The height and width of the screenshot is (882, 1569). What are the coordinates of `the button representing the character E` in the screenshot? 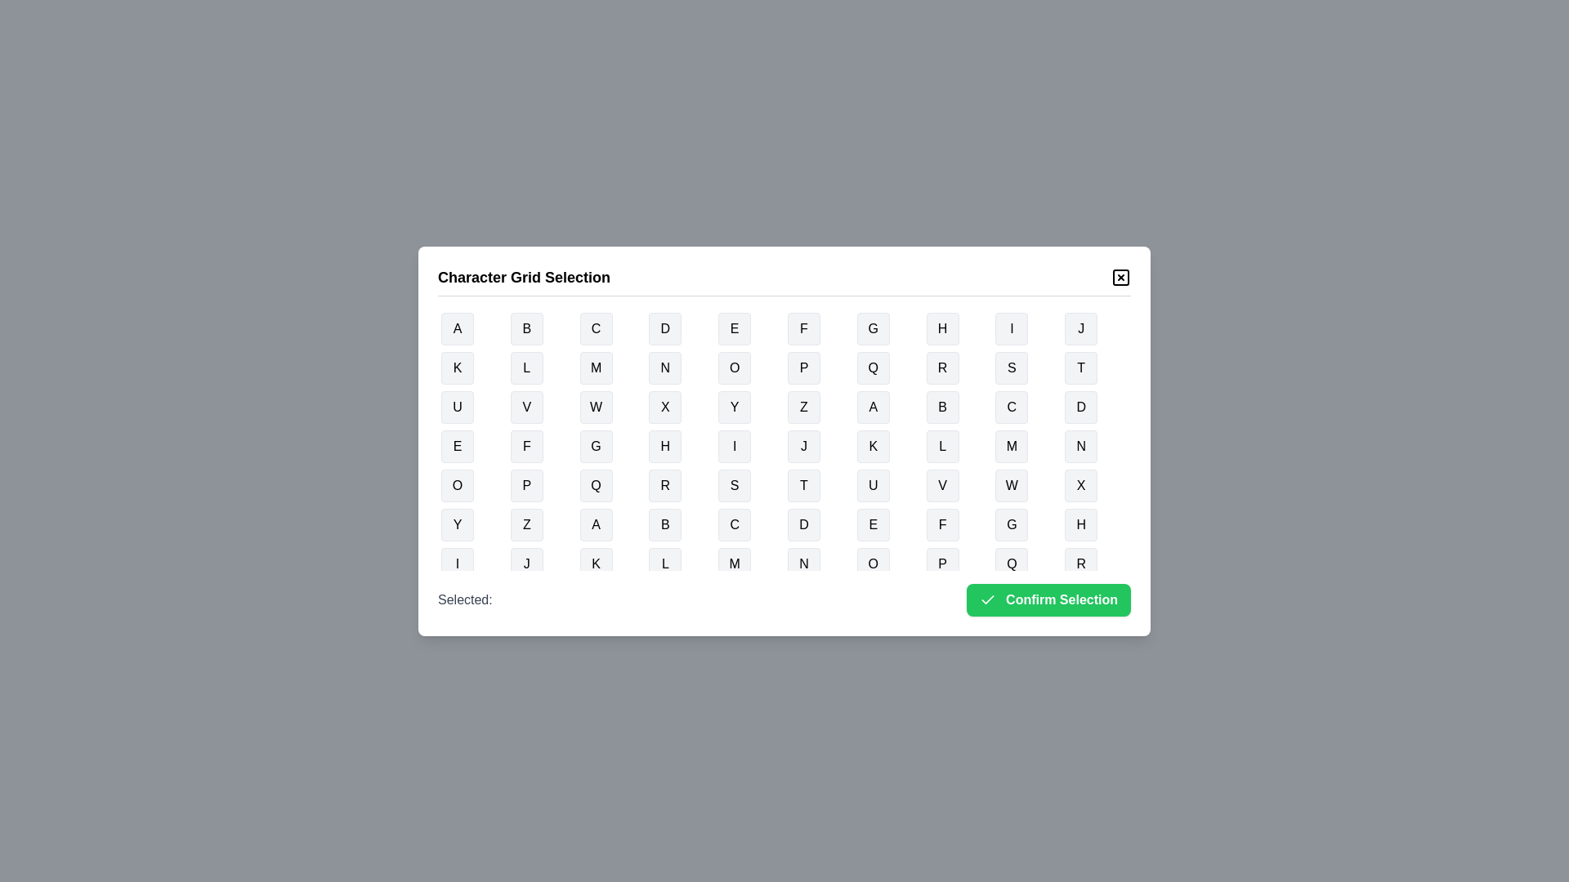 It's located at (734, 328).